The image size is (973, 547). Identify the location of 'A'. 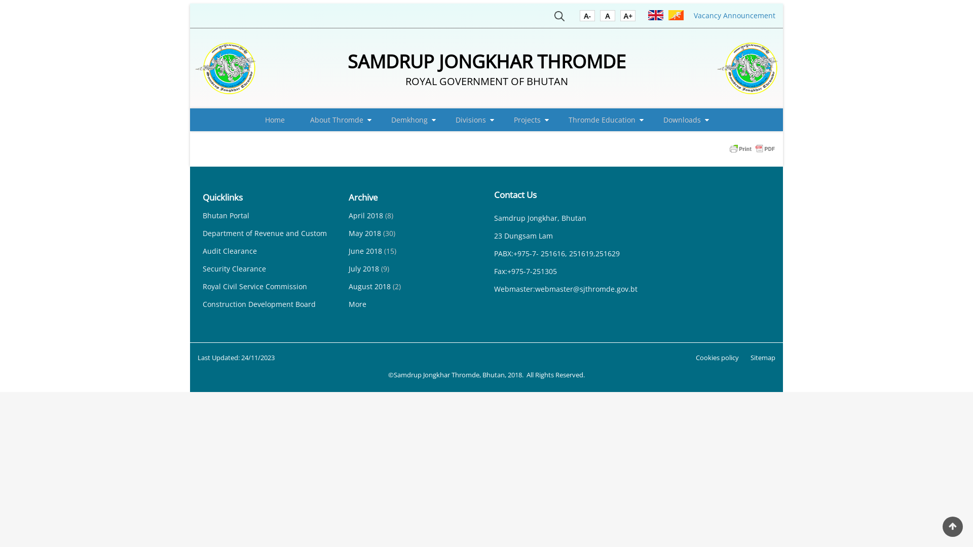
(600, 17).